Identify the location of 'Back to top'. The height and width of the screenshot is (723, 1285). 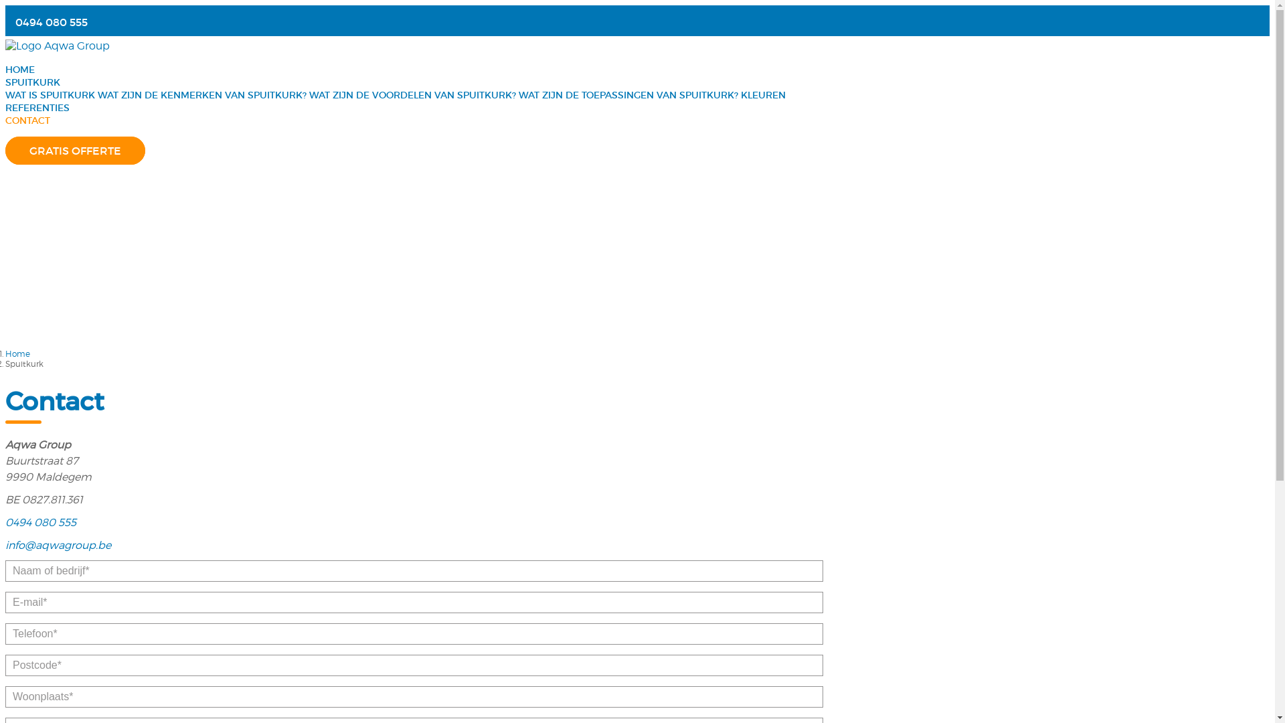
(1233, 669).